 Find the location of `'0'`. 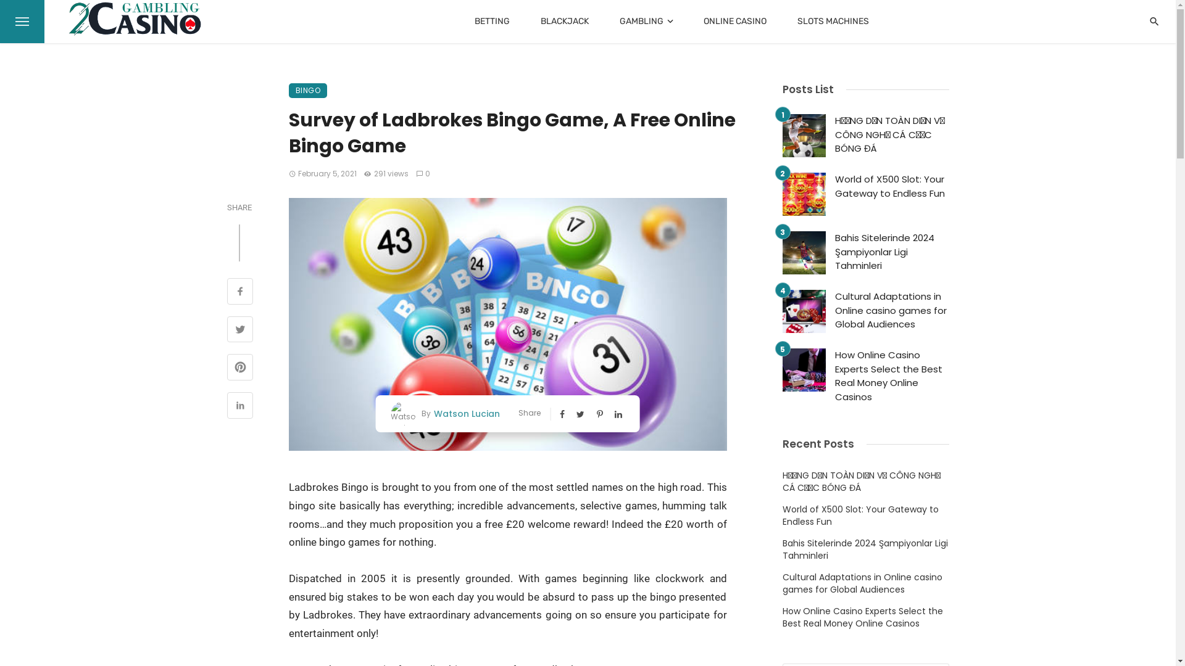

'0' is located at coordinates (415, 173).